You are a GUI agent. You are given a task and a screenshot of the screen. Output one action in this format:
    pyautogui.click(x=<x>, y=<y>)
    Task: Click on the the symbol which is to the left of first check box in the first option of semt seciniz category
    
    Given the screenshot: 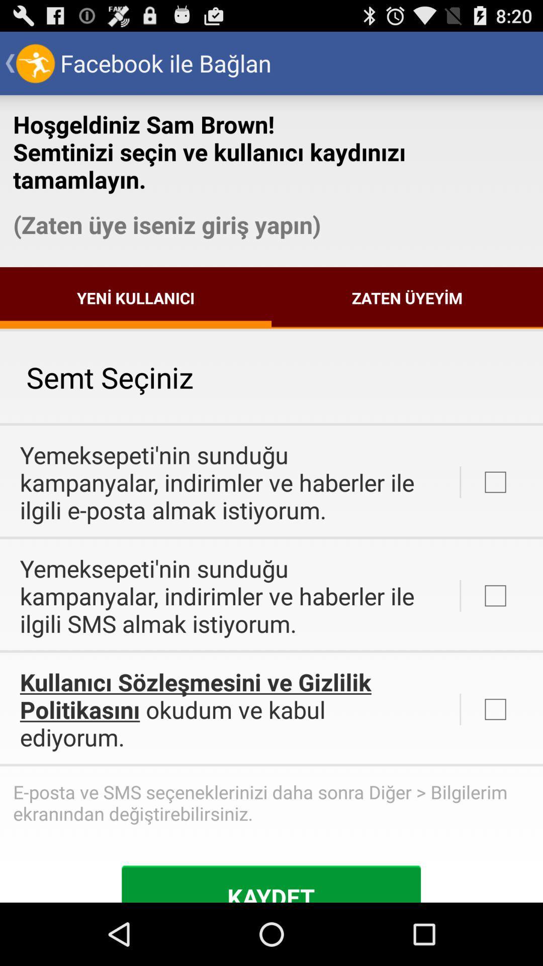 What is the action you would take?
    pyautogui.click(x=460, y=482)
    